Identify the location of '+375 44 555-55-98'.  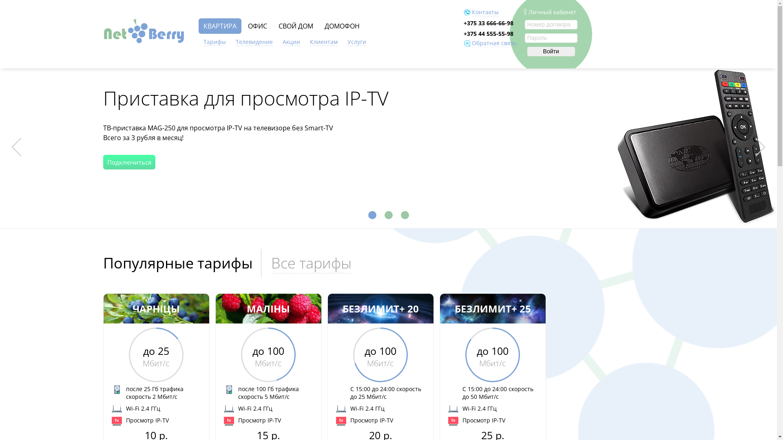
(488, 33).